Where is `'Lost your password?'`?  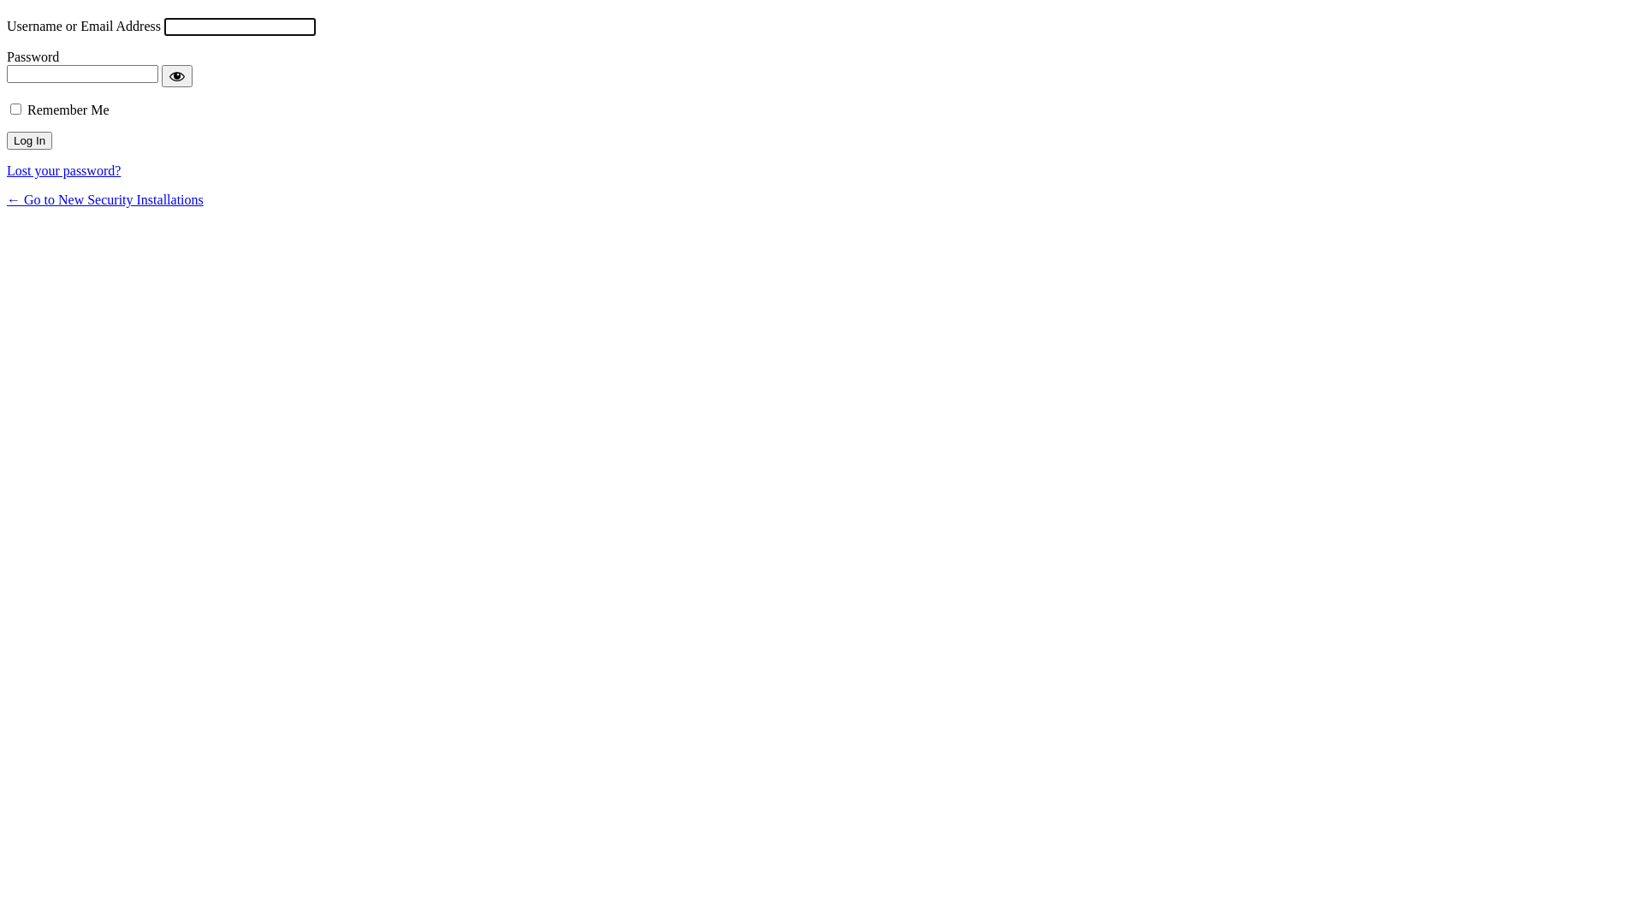
'Lost your password?' is located at coordinates (63, 170).